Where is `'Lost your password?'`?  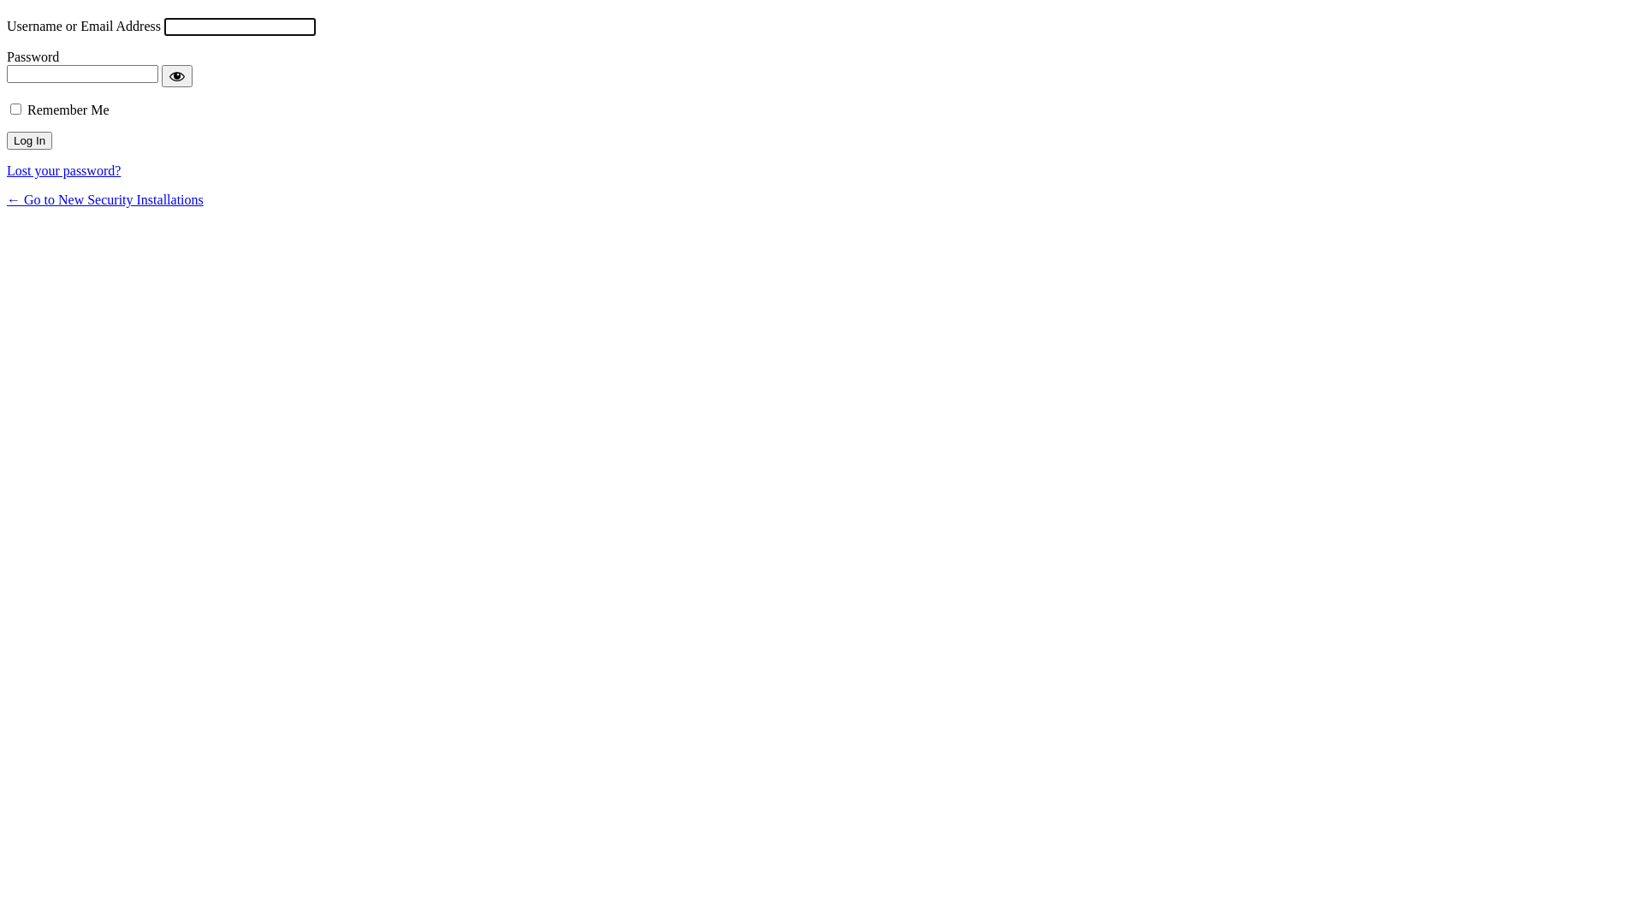
'Lost your password?' is located at coordinates (63, 170).